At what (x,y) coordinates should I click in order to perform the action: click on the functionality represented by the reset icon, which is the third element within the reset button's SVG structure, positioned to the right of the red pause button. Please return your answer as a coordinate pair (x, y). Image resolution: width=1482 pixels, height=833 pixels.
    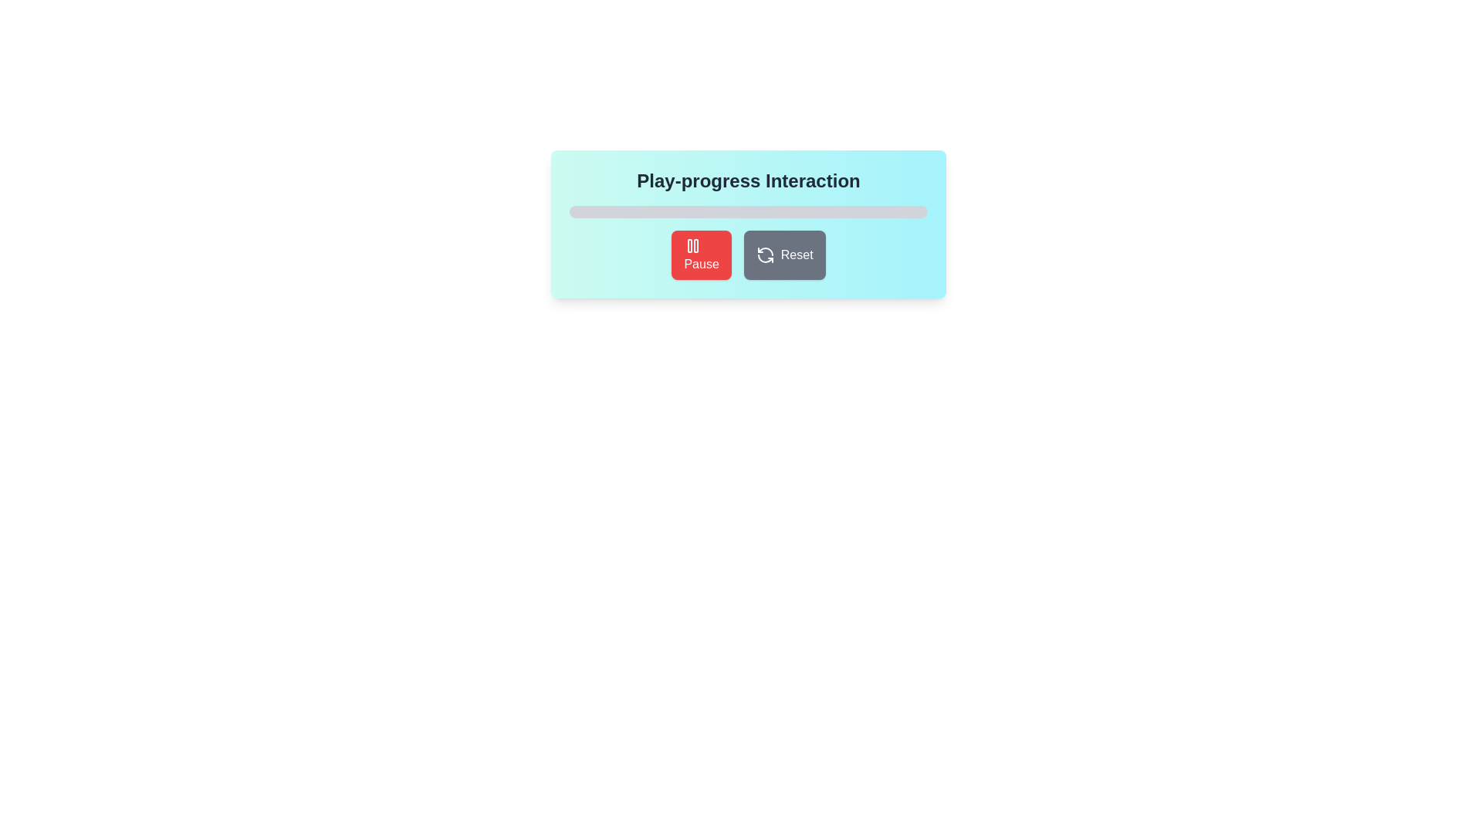
    Looking at the image, I should click on (765, 258).